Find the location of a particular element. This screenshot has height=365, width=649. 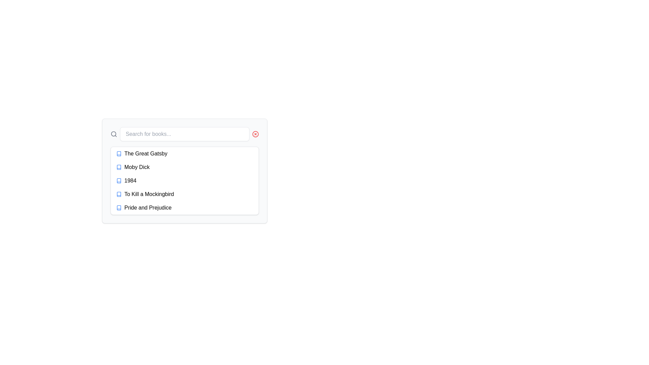

the SVG icon representing an open book located to the left of the text 'Moby Dick' is located at coordinates (119, 167).